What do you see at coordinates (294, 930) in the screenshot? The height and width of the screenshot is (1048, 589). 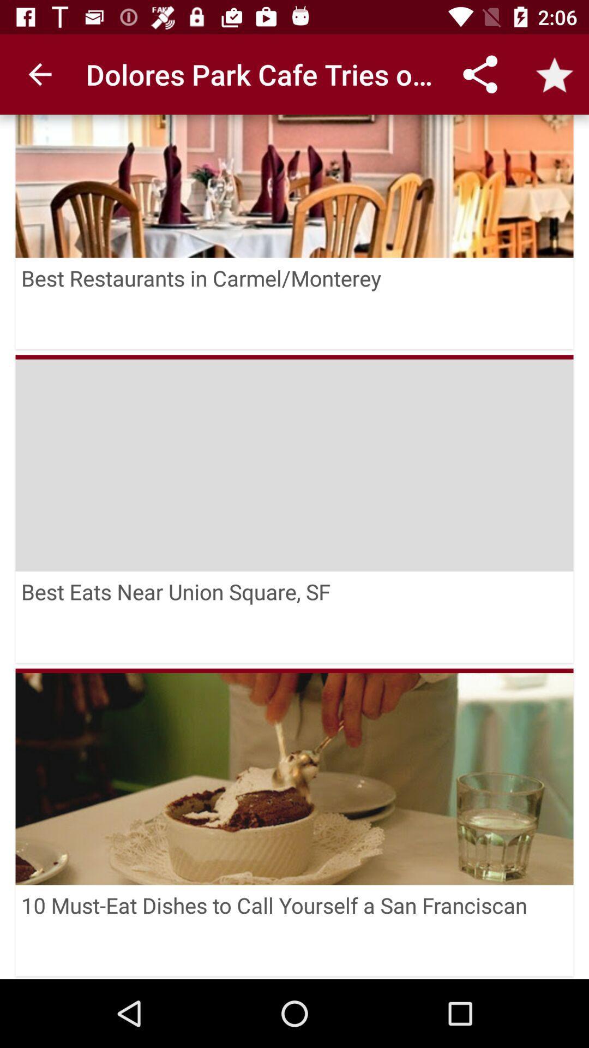 I see `the 10 must eat` at bounding box center [294, 930].